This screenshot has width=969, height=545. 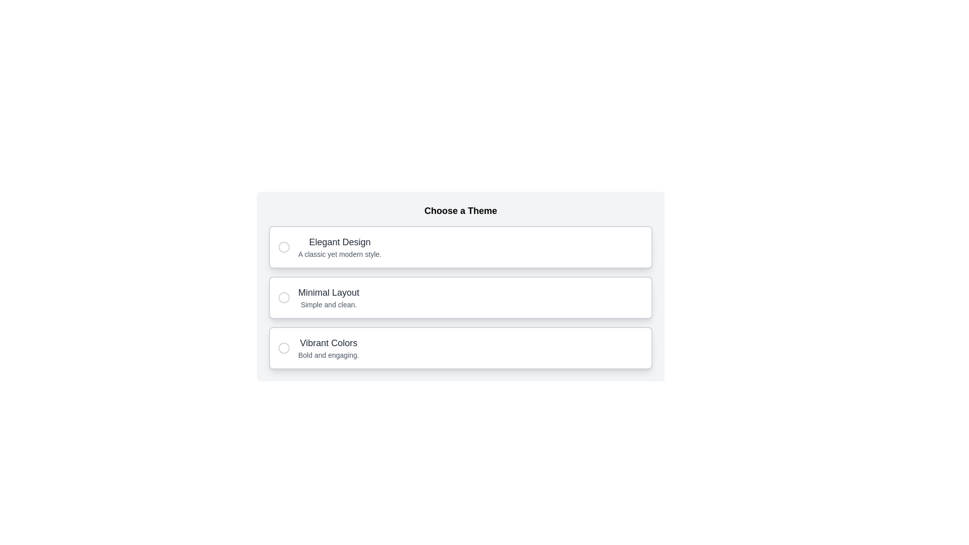 I want to click on the static text element that reads 'Elegant Design', which is the first option in a list of themes located under the heading 'Choose a Theme', so click(x=340, y=242).